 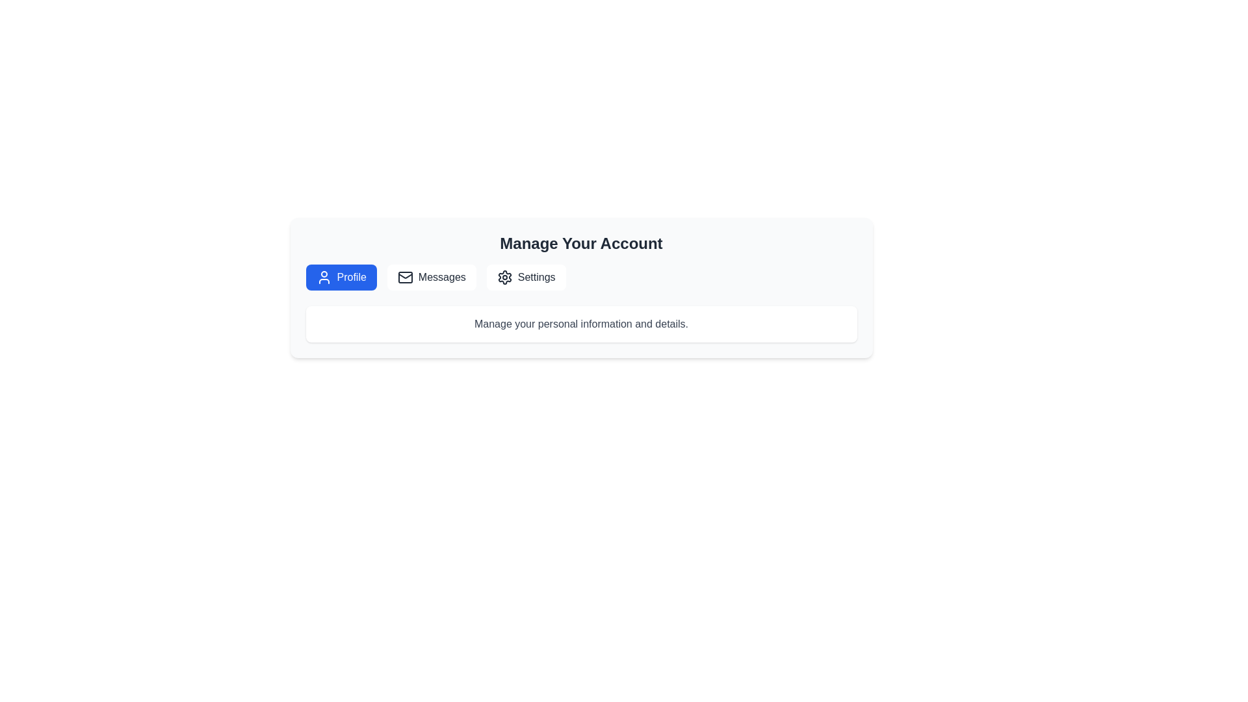 What do you see at coordinates (504, 277) in the screenshot?
I see `the 'Settings' icon located within the button group, positioned to the left of the 'Settings' text` at bounding box center [504, 277].